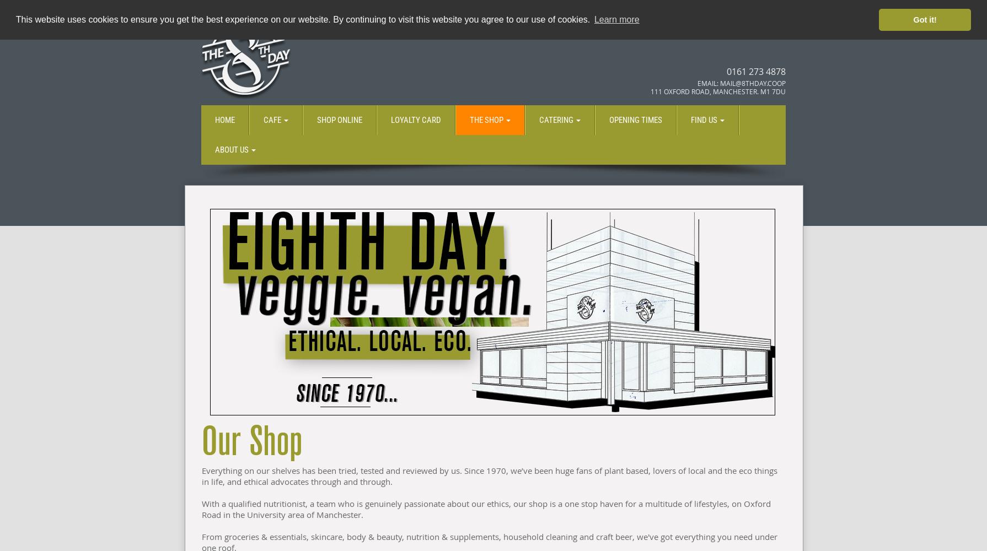 This screenshot has width=987, height=551. I want to click on 'Our Shop', so click(251, 441).